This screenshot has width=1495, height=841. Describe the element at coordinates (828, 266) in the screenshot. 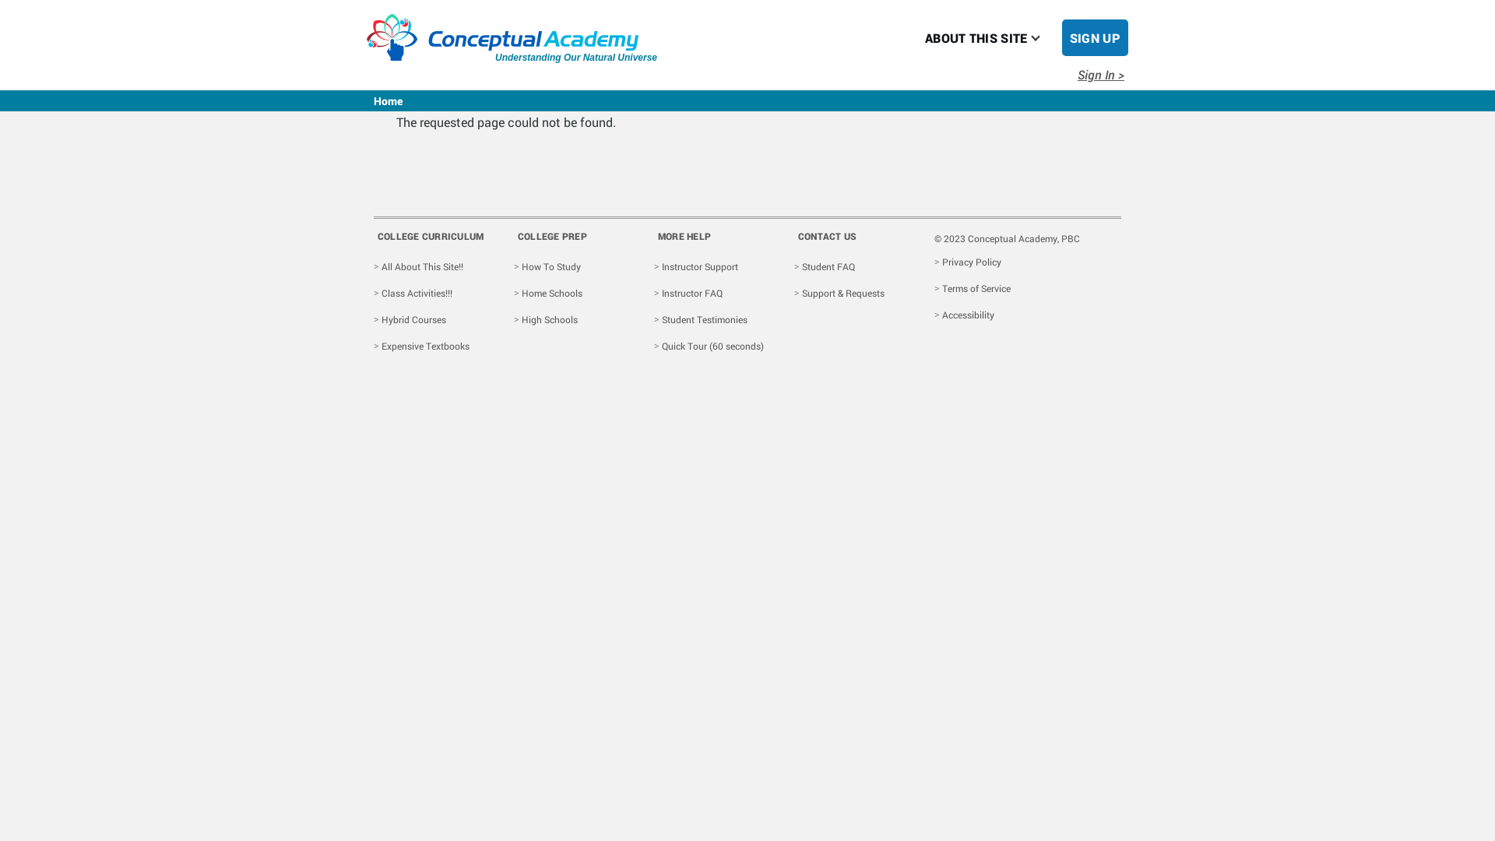

I see `'Student FAQ'` at that location.